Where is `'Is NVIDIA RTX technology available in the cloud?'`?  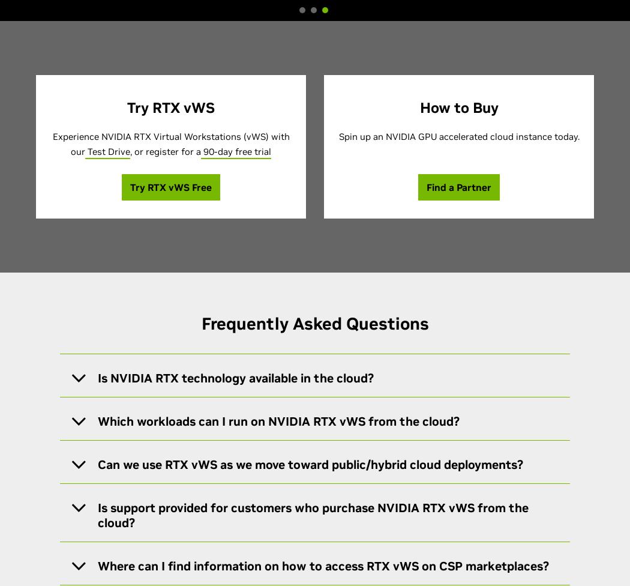 'Is NVIDIA RTX technology available in the cloud?' is located at coordinates (236, 378).